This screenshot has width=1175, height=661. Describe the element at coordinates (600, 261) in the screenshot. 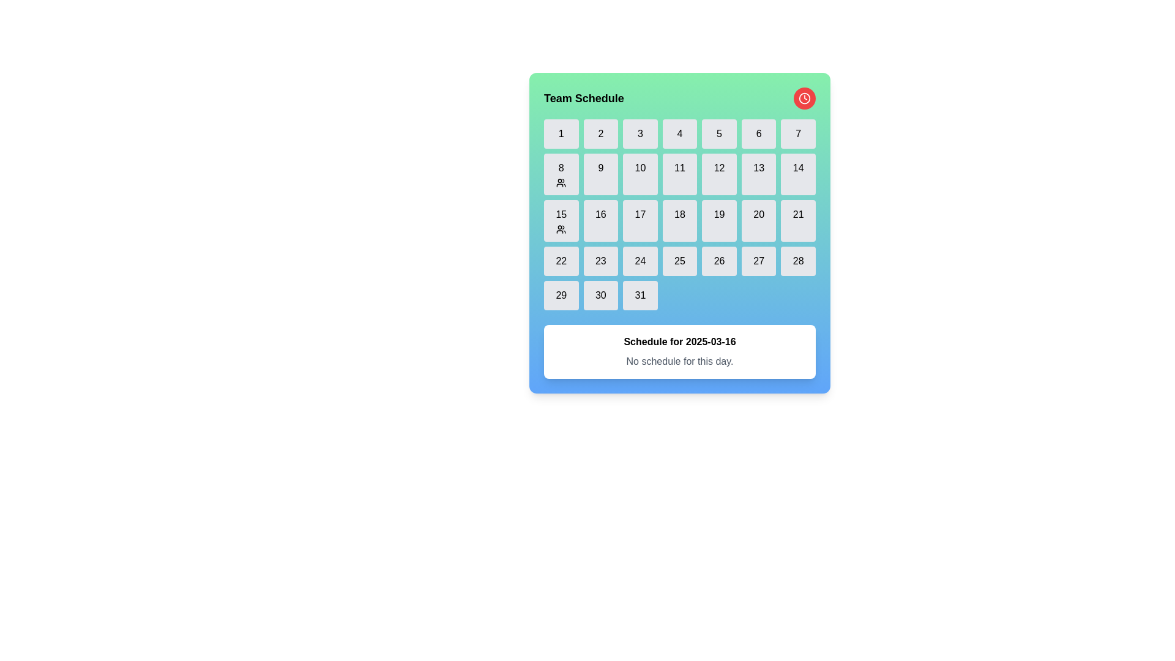

I see `the text label displaying the number '23' in a light gray button within the calendar grid` at that location.